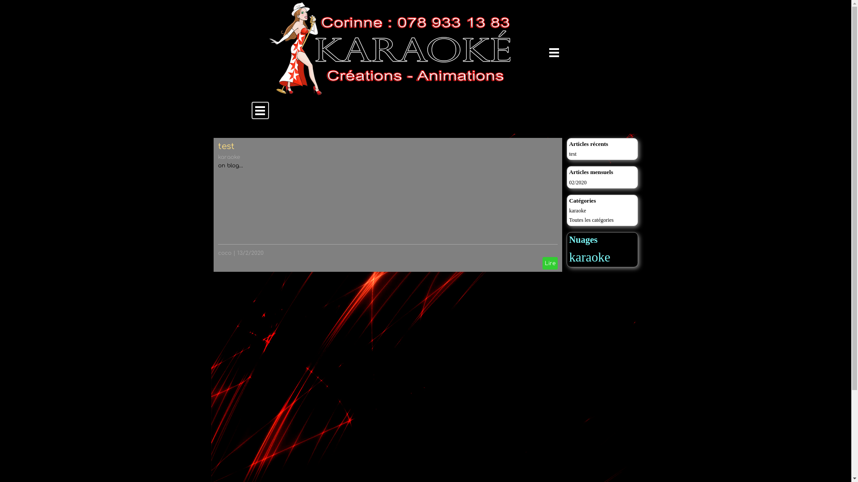 Image resolution: width=858 pixels, height=482 pixels. I want to click on 'karaoke', so click(577, 210).